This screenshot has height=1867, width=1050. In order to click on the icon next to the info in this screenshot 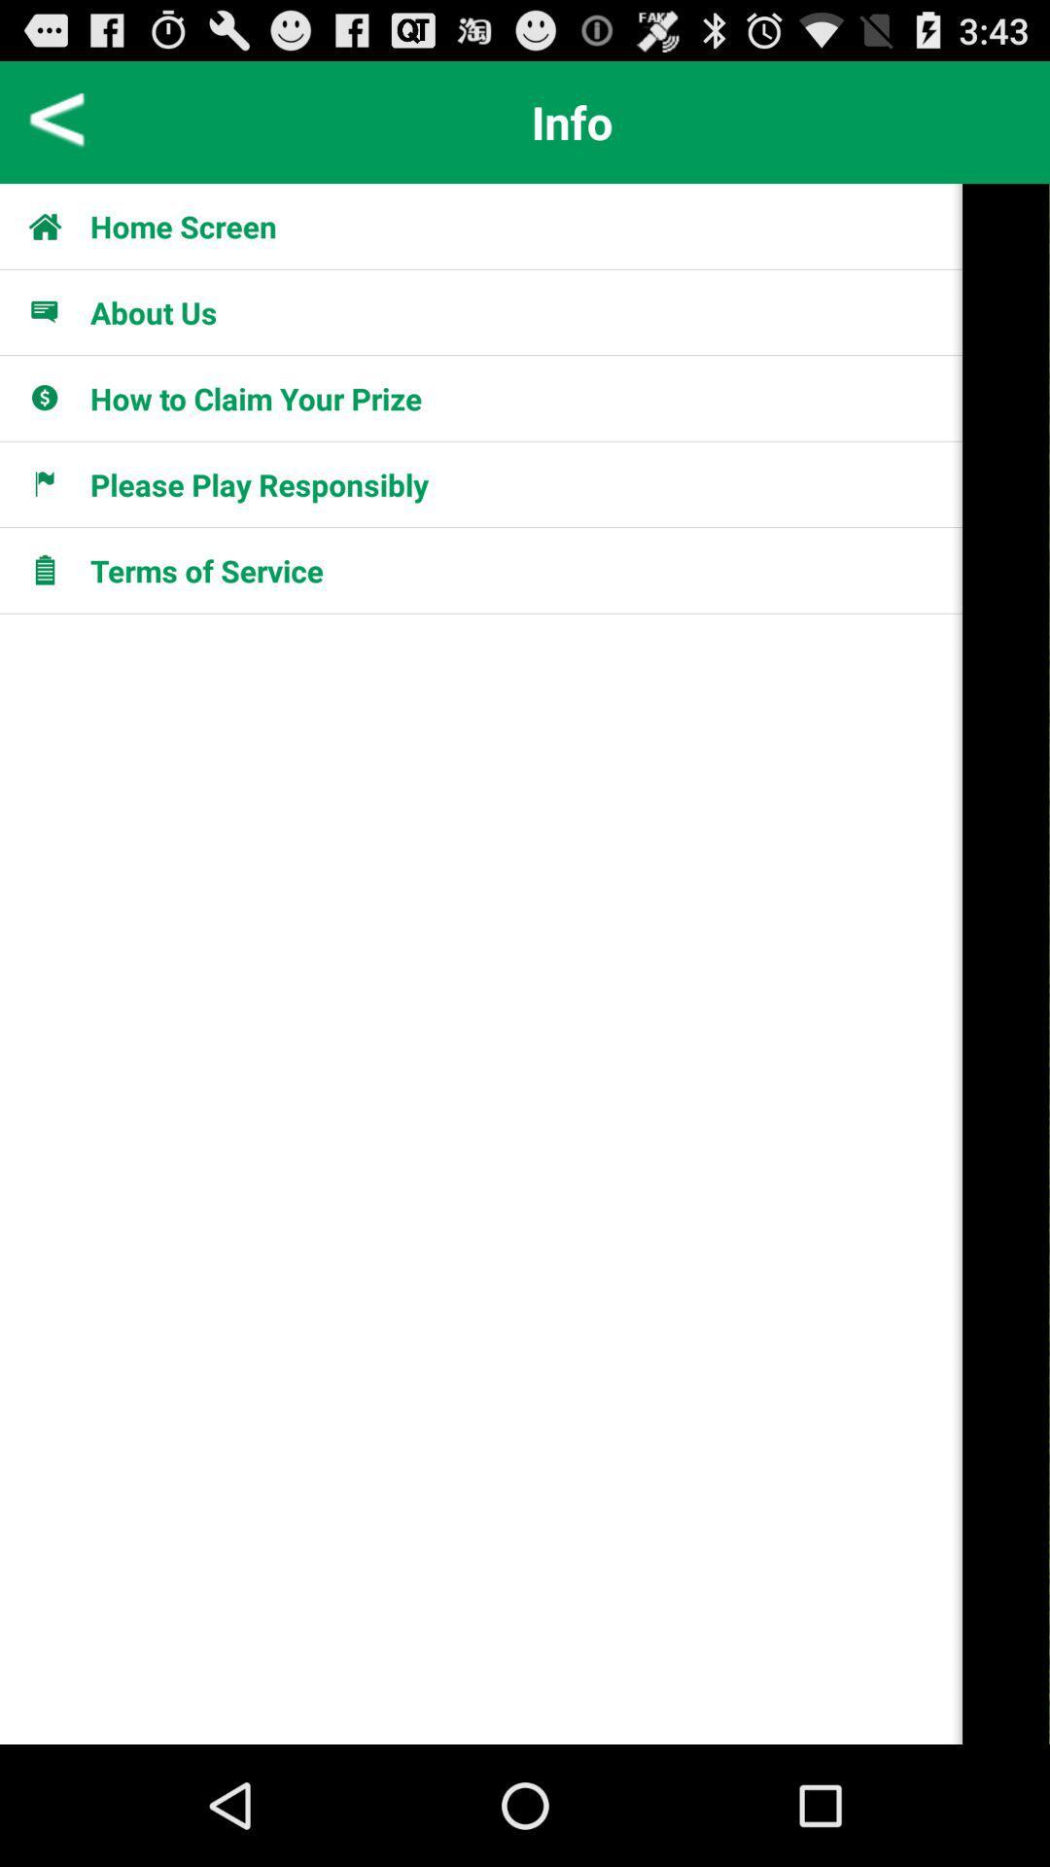, I will do `click(56, 121)`.